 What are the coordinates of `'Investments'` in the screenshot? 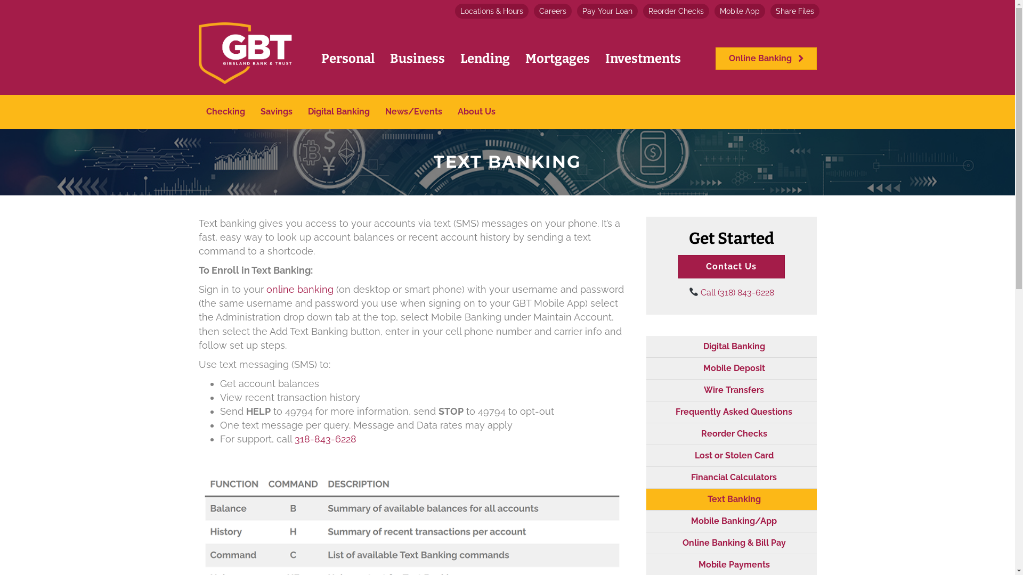 It's located at (642, 59).